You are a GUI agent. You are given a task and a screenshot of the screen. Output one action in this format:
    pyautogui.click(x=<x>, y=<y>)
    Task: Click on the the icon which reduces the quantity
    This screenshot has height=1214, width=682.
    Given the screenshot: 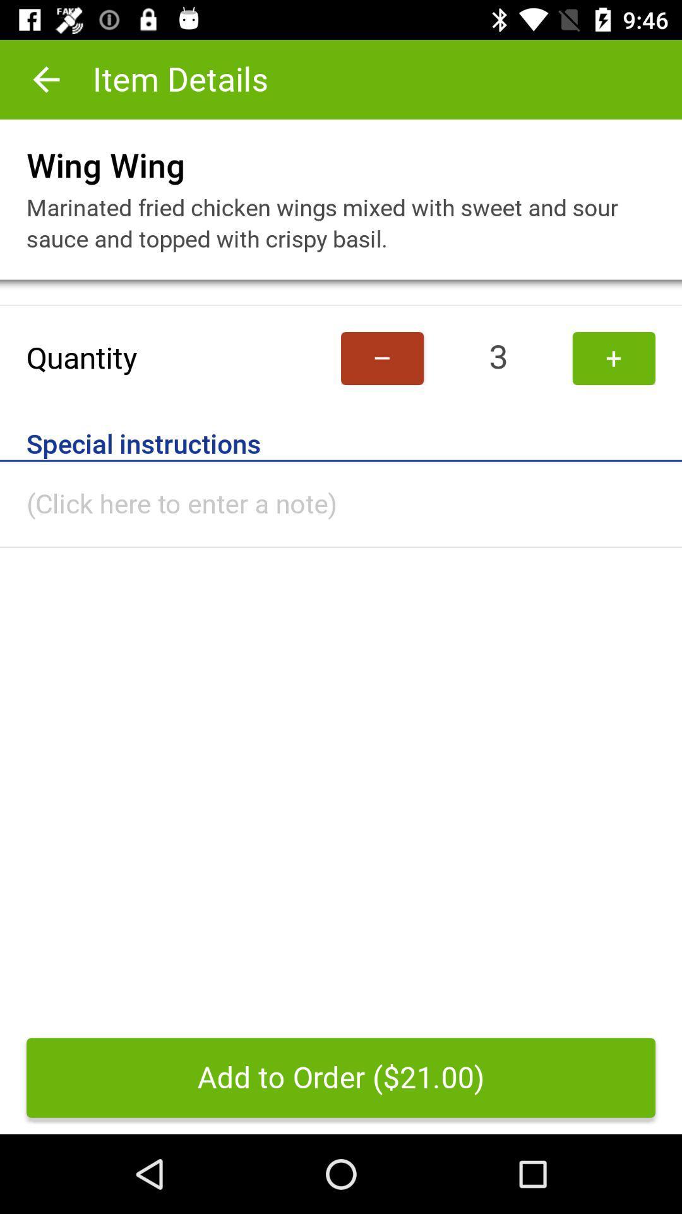 What is the action you would take?
    pyautogui.click(x=381, y=357)
    